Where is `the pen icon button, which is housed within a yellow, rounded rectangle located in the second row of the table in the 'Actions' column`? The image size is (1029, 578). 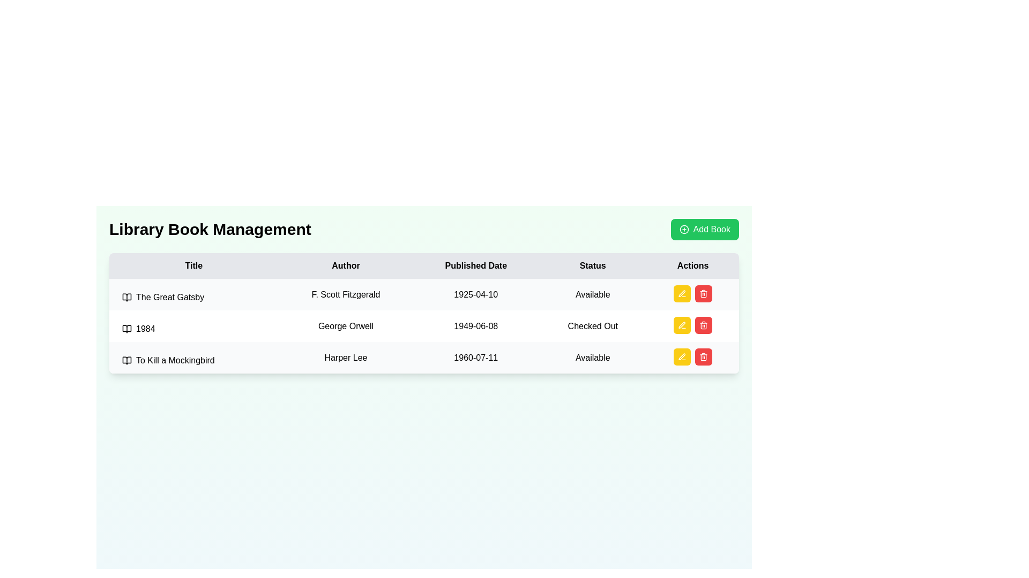 the pen icon button, which is housed within a yellow, rounded rectangle located in the second row of the table in the 'Actions' column is located at coordinates (682, 325).